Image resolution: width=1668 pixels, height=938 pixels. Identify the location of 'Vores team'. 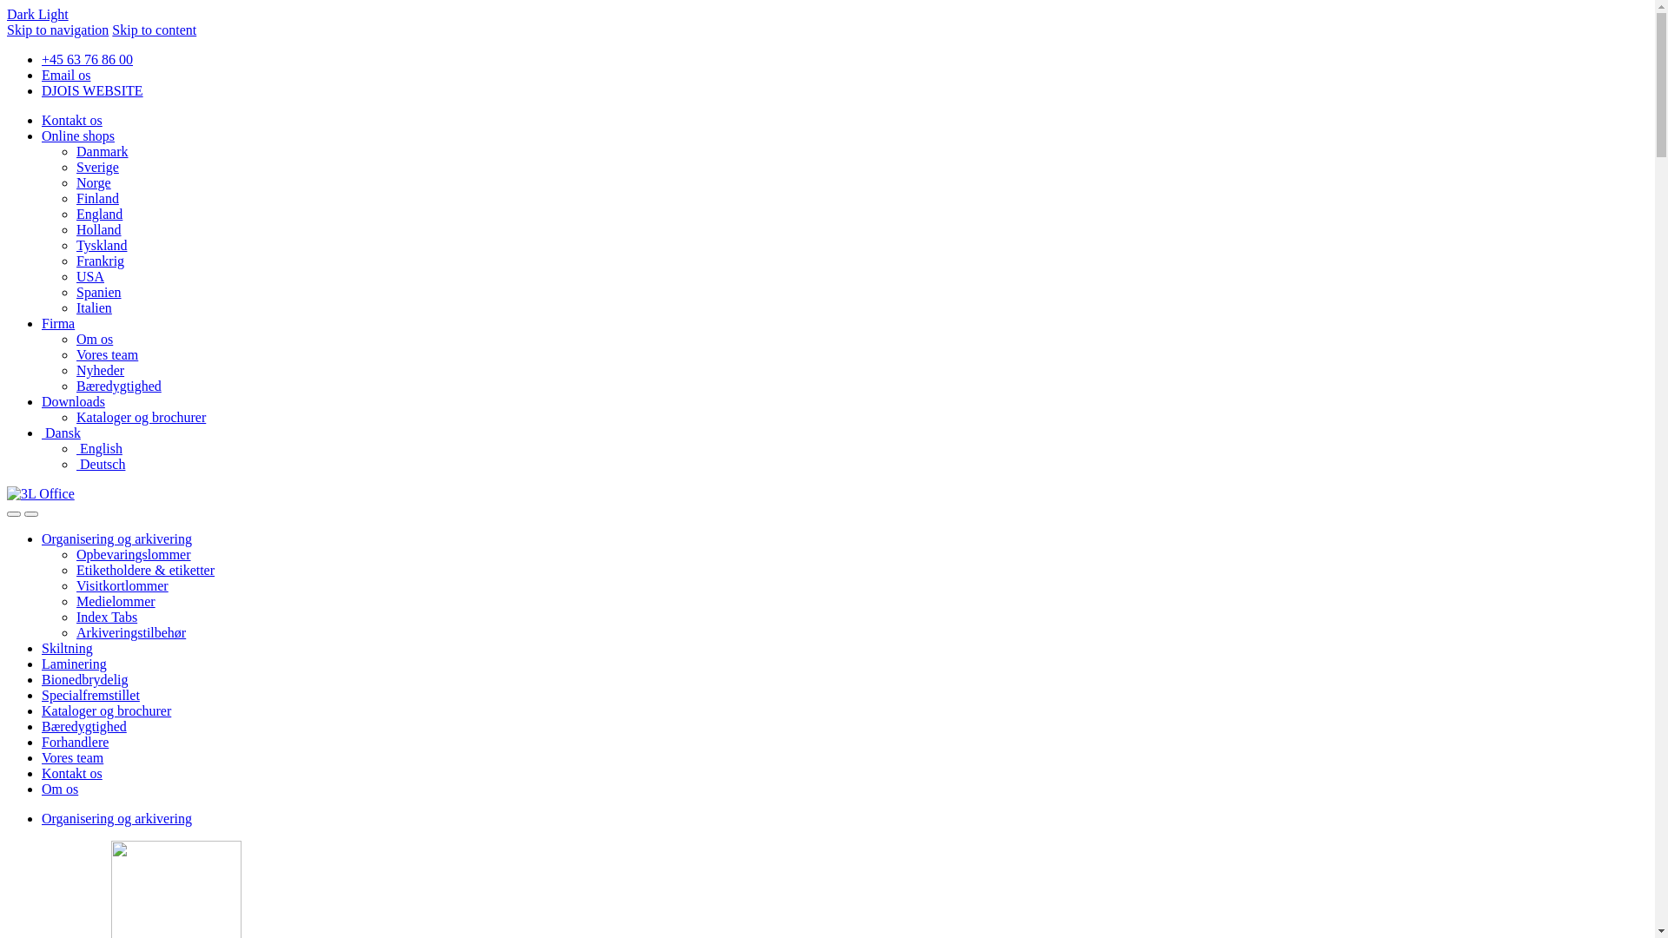
(71, 756).